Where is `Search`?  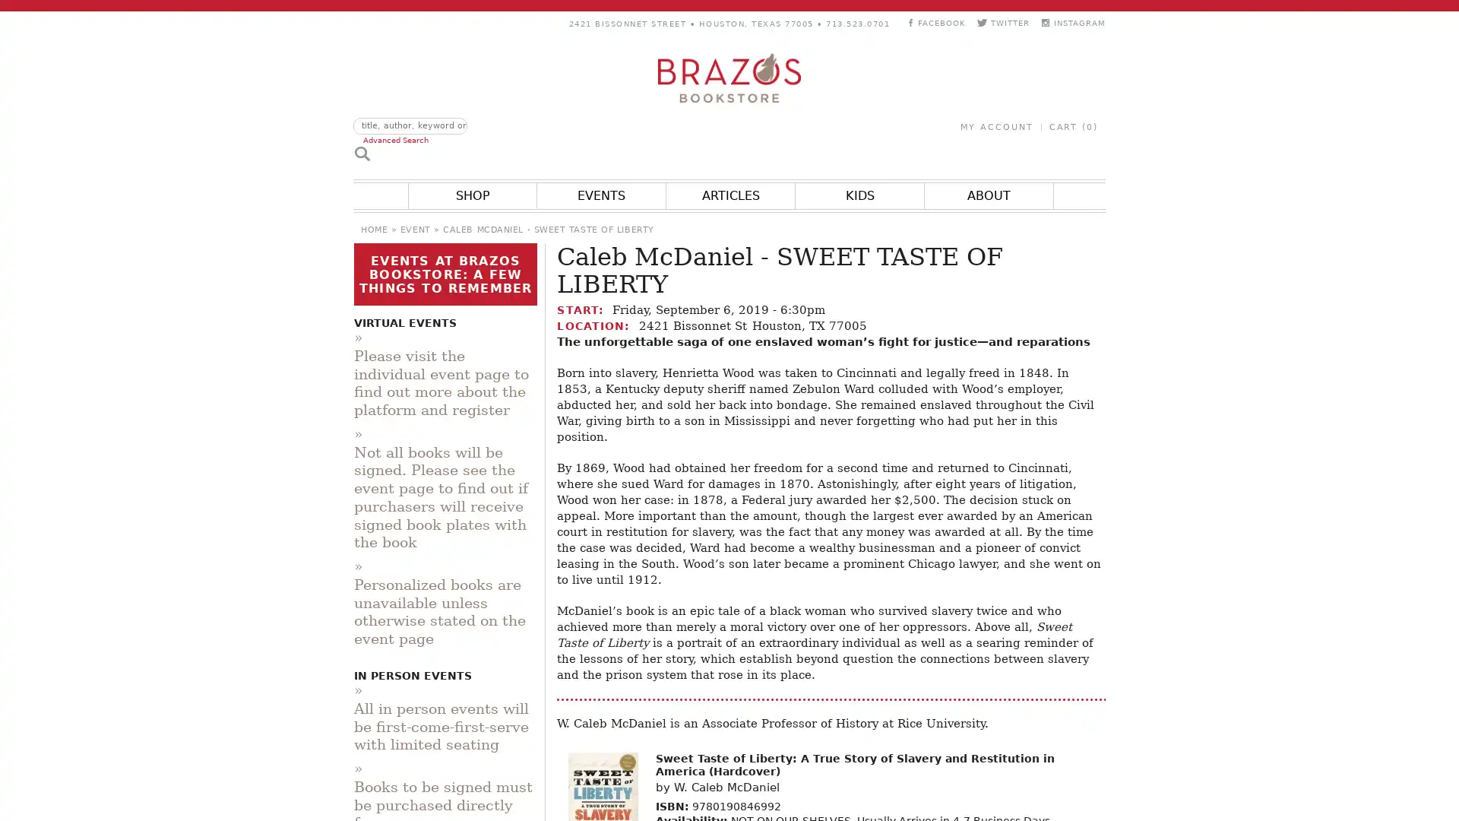 Search is located at coordinates (361, 152).